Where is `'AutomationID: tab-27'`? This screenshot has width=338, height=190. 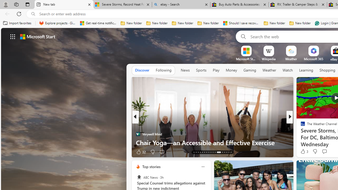
'AutomationID: tab-27' is located at coordinates (227, 152).